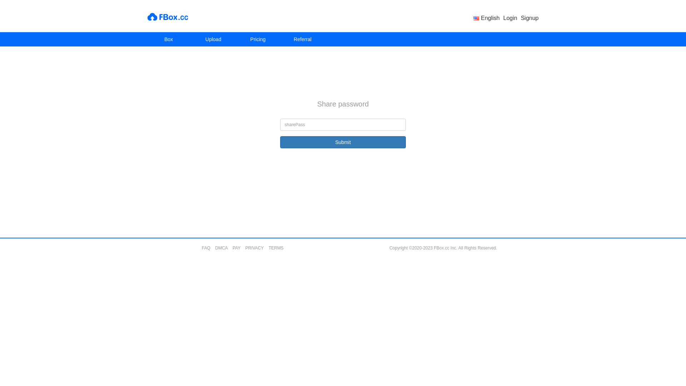  What do you see at coordinates (486, 18) in the screenshot?
I see `'English'` at bounding box center [486, 18].